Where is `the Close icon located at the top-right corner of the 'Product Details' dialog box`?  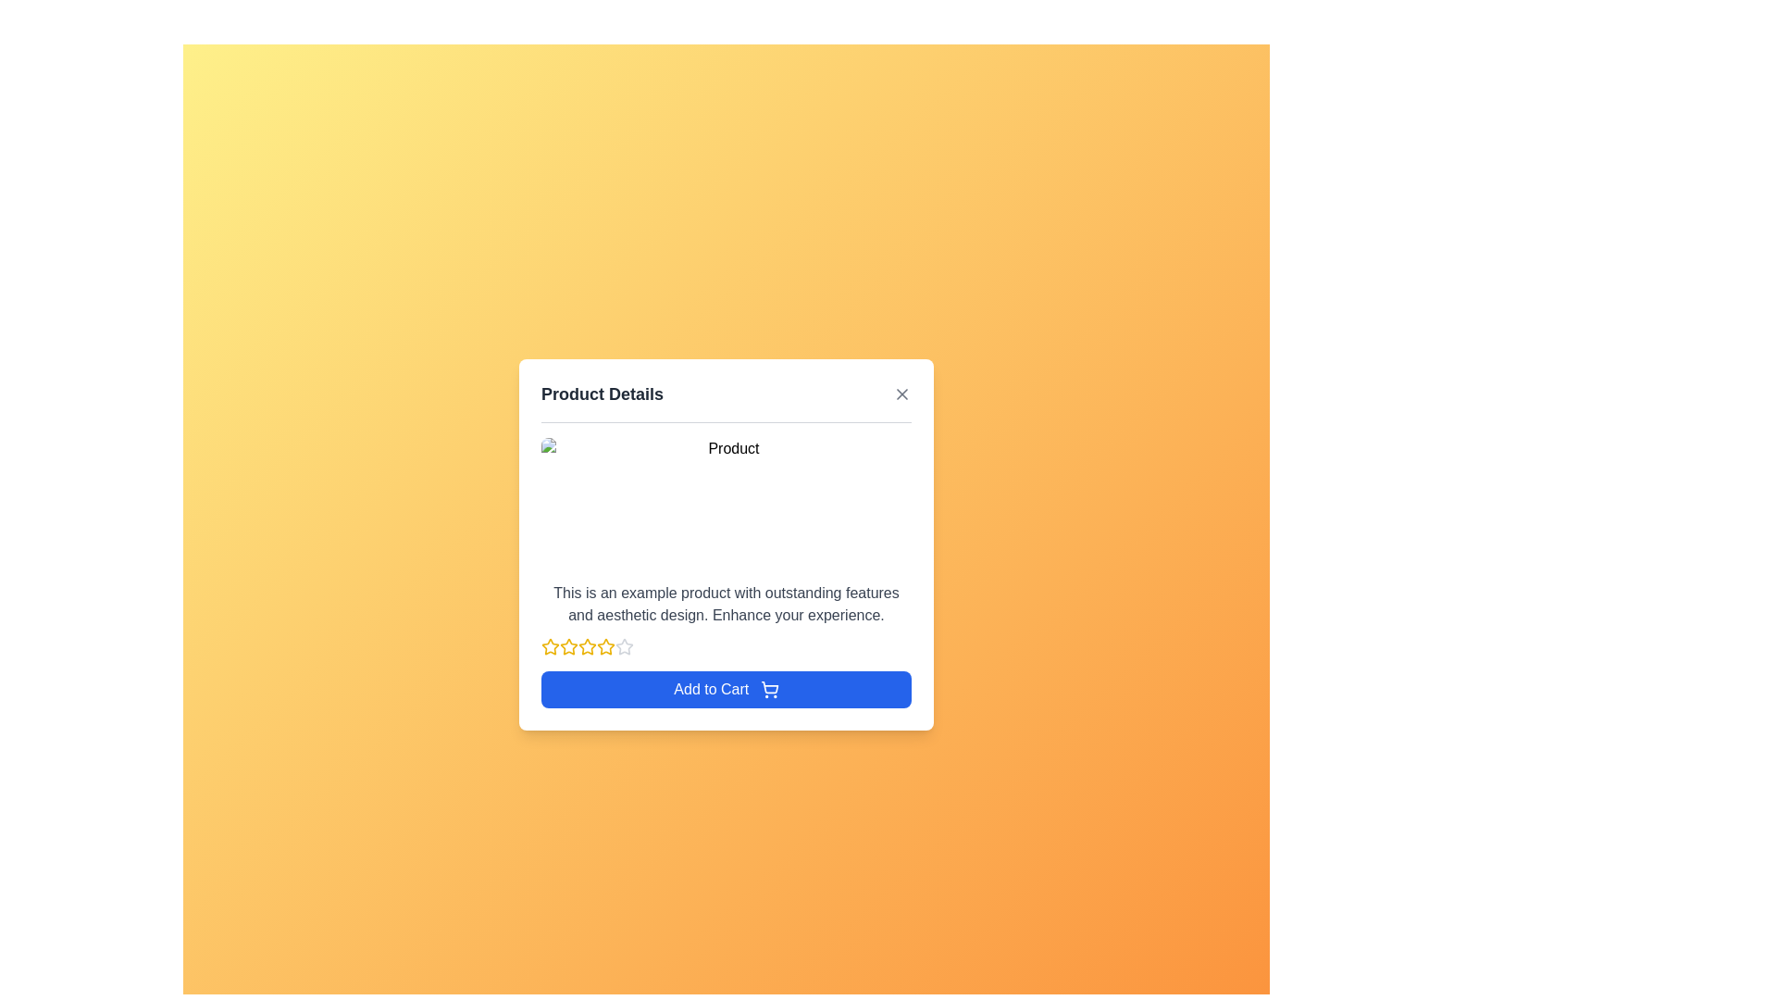
the Close icon located at the top-right corner of the 'Product Details' dialog box is located at coordinates (901, 393).